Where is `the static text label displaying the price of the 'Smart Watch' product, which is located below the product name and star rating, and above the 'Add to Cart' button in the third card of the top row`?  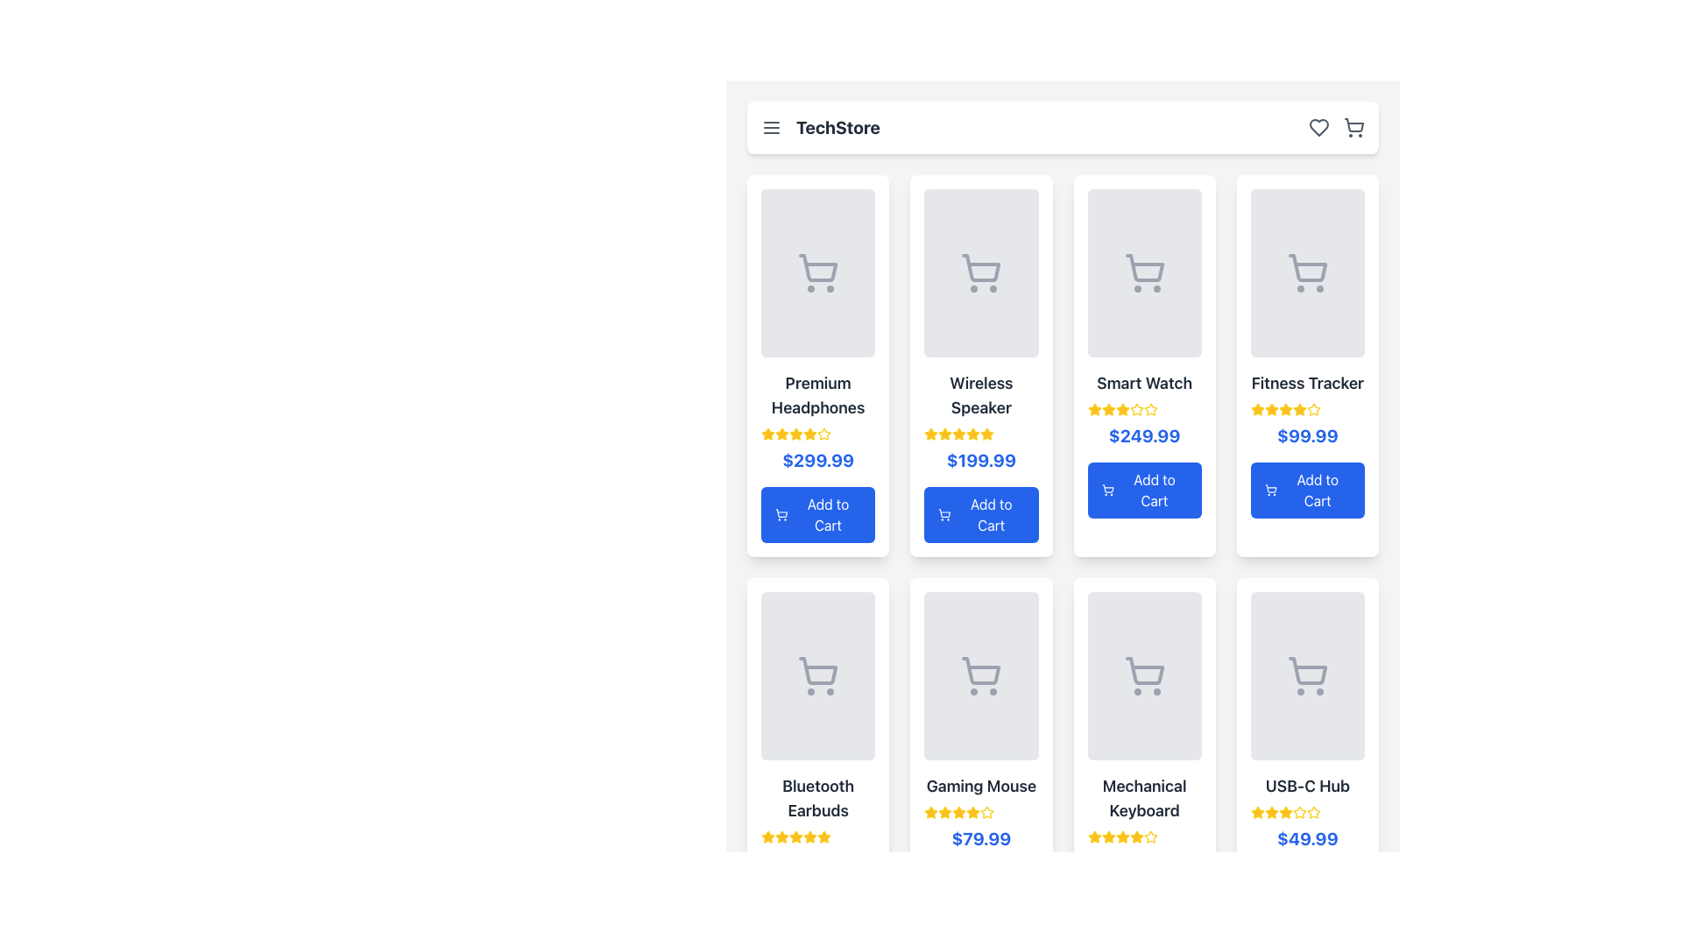 the static text label displaying the price of the 'Smart Watch' product, which is located below the product name and star rating, and above the 'Add to Cart' button in the third card of the top row is located at coordinates (1144, 434).